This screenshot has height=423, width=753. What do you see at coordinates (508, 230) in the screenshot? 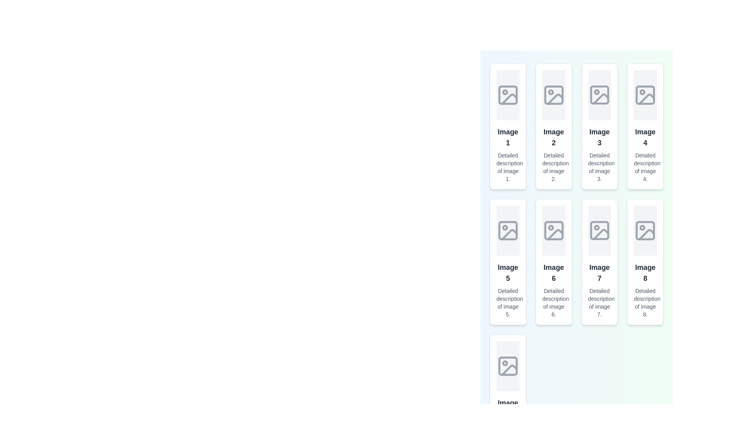
I see `image icon represented by a square frame with rounded corners and a circle with a diagonal line inside, located in the first column and fifth row from the top of the interface` at bounding box center [508, 230].